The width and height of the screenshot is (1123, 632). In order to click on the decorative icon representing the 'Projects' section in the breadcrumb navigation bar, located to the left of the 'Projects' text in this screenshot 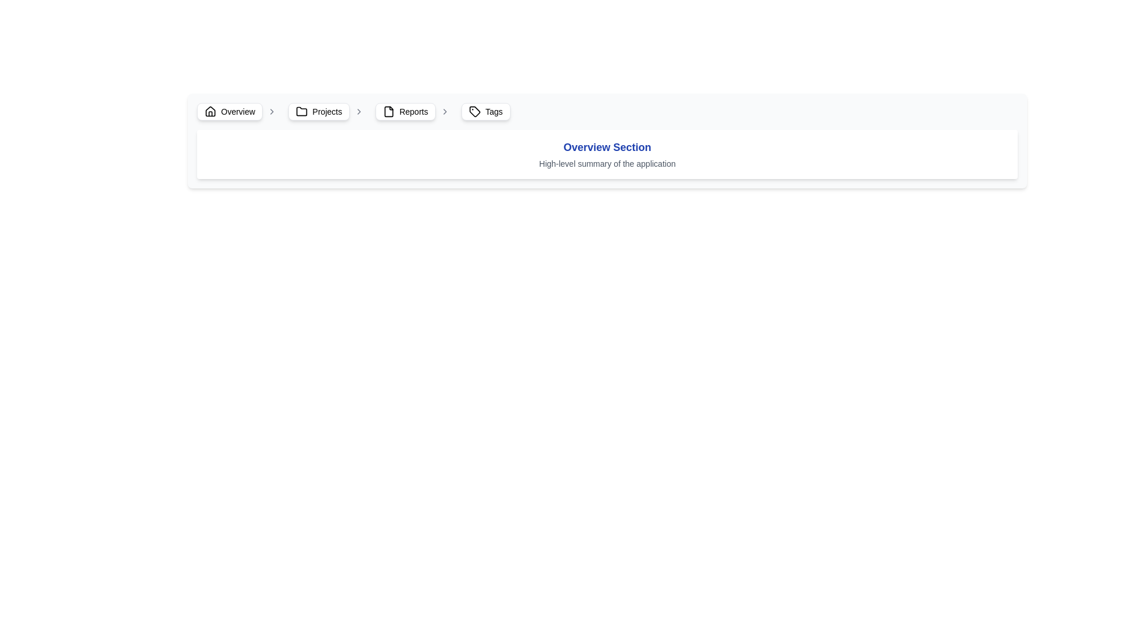, I will do `click(302, 112)`.